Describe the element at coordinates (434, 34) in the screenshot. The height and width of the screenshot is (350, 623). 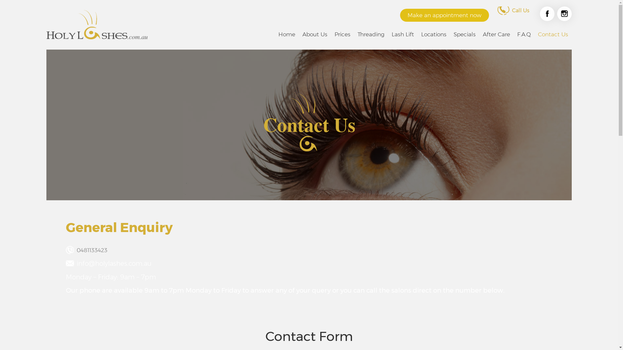
I see `'Locations'` at that location.